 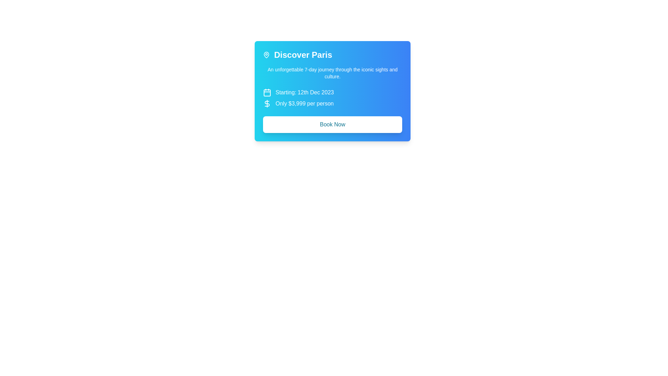 What do you see at coordinates (332, 73) in the screenshot?
I see `the Text Label that provides a descriptive summary of the travel experience, located below the title 'Discover Paris' and above the starting date and price information` at bounding box center [332, 73].